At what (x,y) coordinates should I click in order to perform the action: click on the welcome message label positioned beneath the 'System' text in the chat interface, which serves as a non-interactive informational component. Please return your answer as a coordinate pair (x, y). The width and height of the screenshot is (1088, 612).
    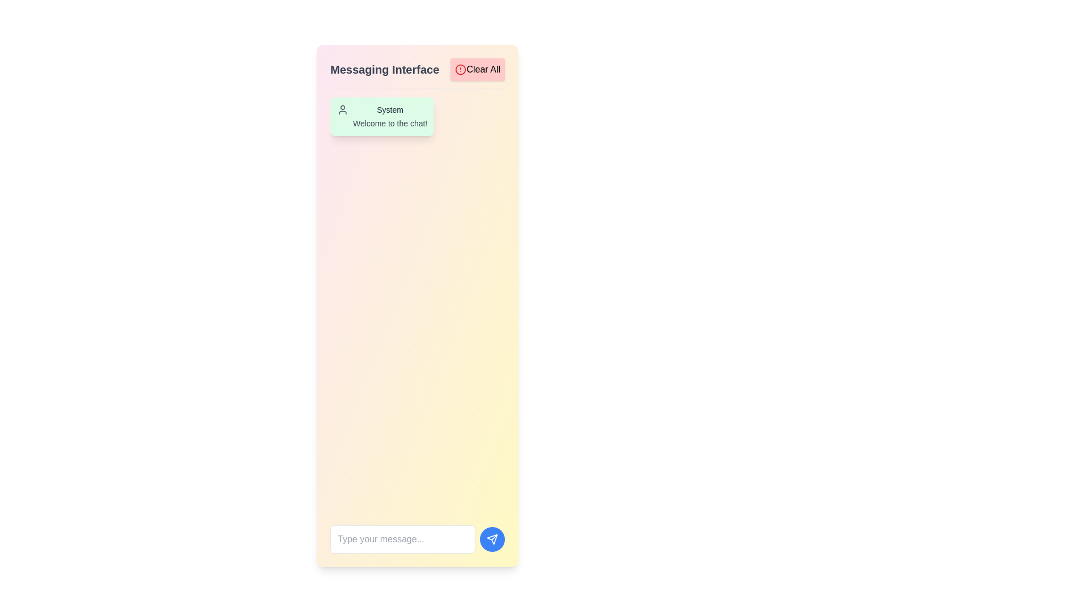
    Looking at the image, I should click on (390, 124).